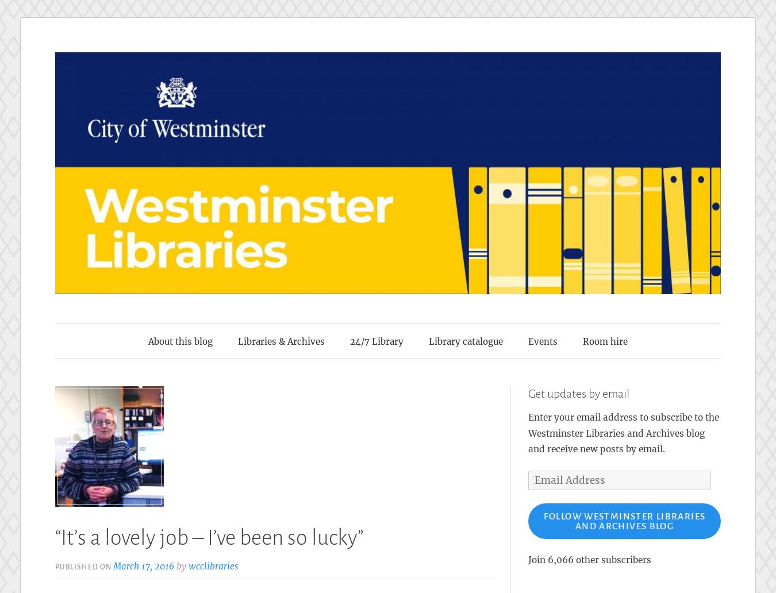  What do you see at coordinates (209, 536) in the screenshot?
I see `'“It’s a lovely job – I’ve been so lucky”'` at bounding box center [209, 536].